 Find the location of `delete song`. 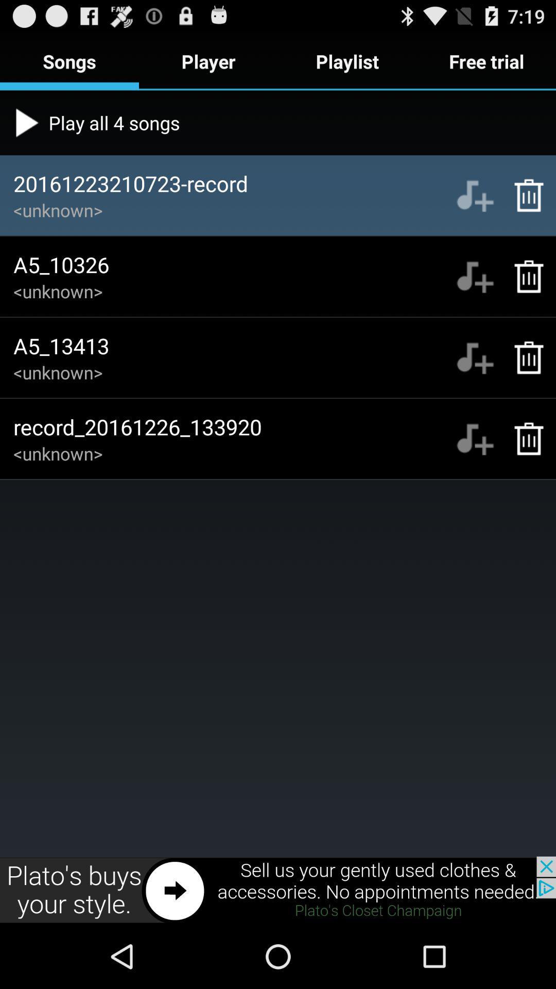

delete song is located at coordinates (524, 357).